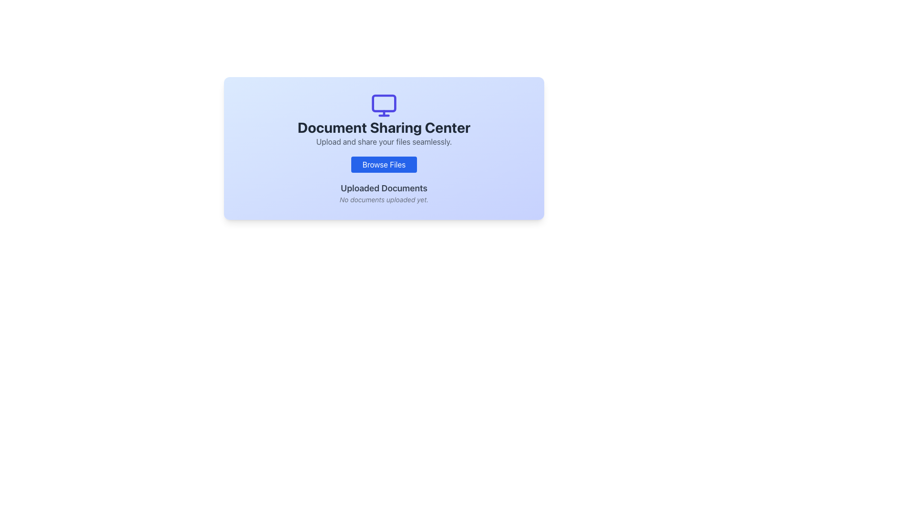 The width and height of the screenshot is (915, 514). What do you see at coordinates (384, 164) in the screenshot?
I see `the blue button labeled 'Browse Files' to trigger its hover effect` at bounding box center [384, 164].